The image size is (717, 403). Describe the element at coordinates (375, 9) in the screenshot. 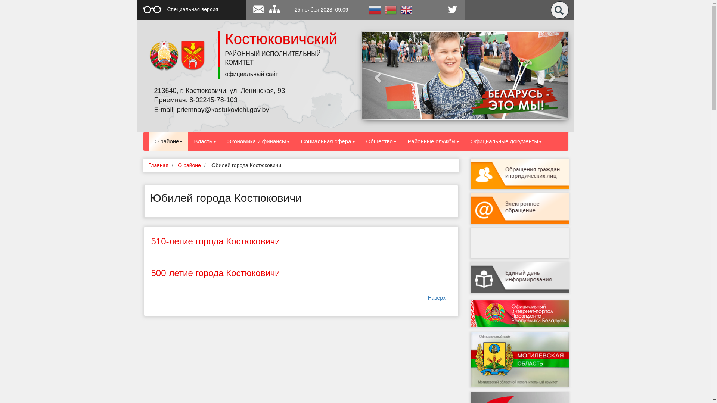

I see `'Russian'` at that location.